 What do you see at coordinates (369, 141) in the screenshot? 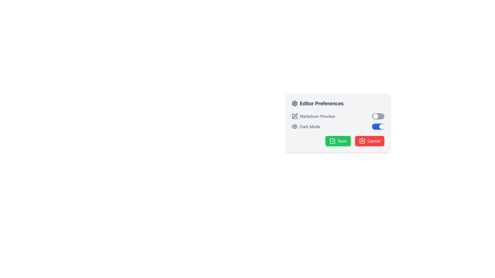
I see `the red rectangular 'Cancel' button with rounded corners, which features a white label and an 'X' icon` at bounding box center [369, 141].